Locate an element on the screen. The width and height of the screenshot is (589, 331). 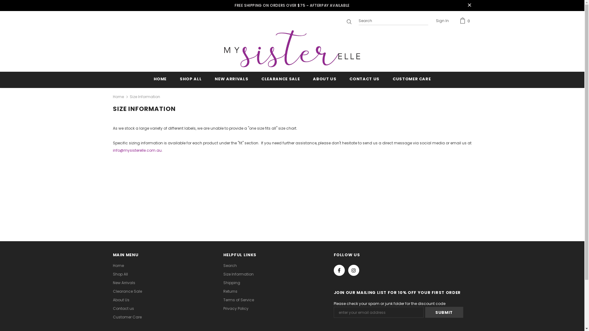
'HOME' is located at coordinates (160, 79).